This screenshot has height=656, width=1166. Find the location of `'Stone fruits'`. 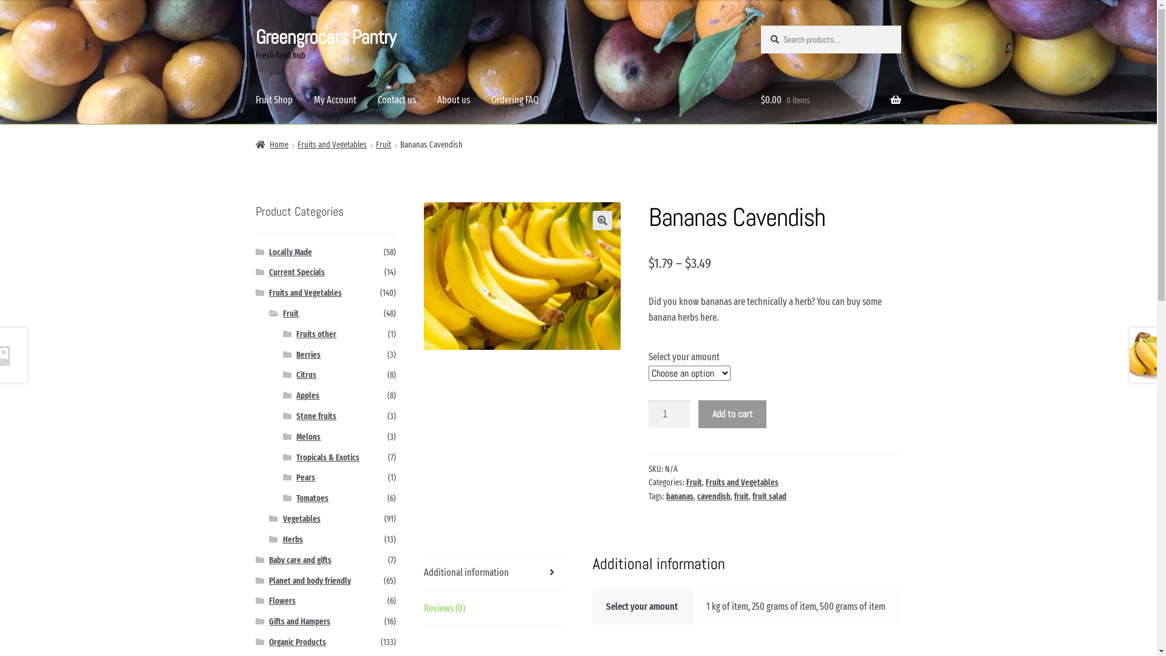

'Stone fruits' is located at coordinates (316, 415).